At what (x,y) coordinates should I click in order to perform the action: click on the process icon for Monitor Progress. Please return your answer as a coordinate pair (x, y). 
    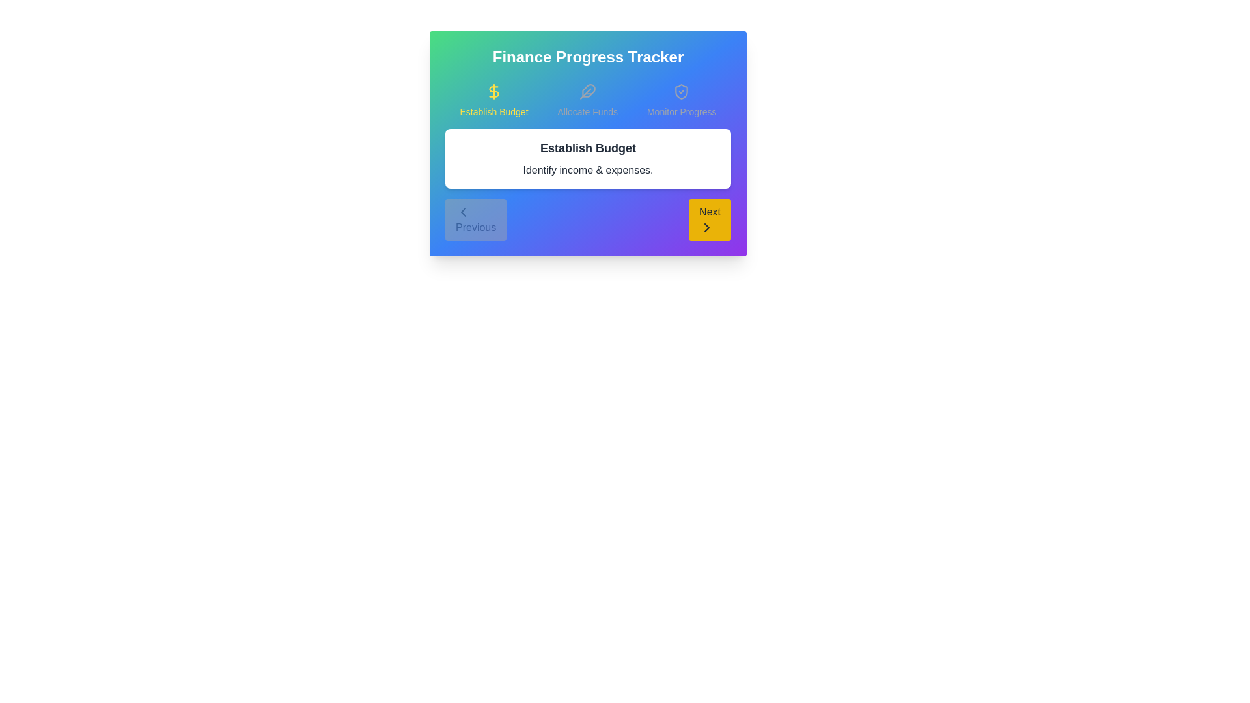
    Looking at the image, I should click on (681, 100).